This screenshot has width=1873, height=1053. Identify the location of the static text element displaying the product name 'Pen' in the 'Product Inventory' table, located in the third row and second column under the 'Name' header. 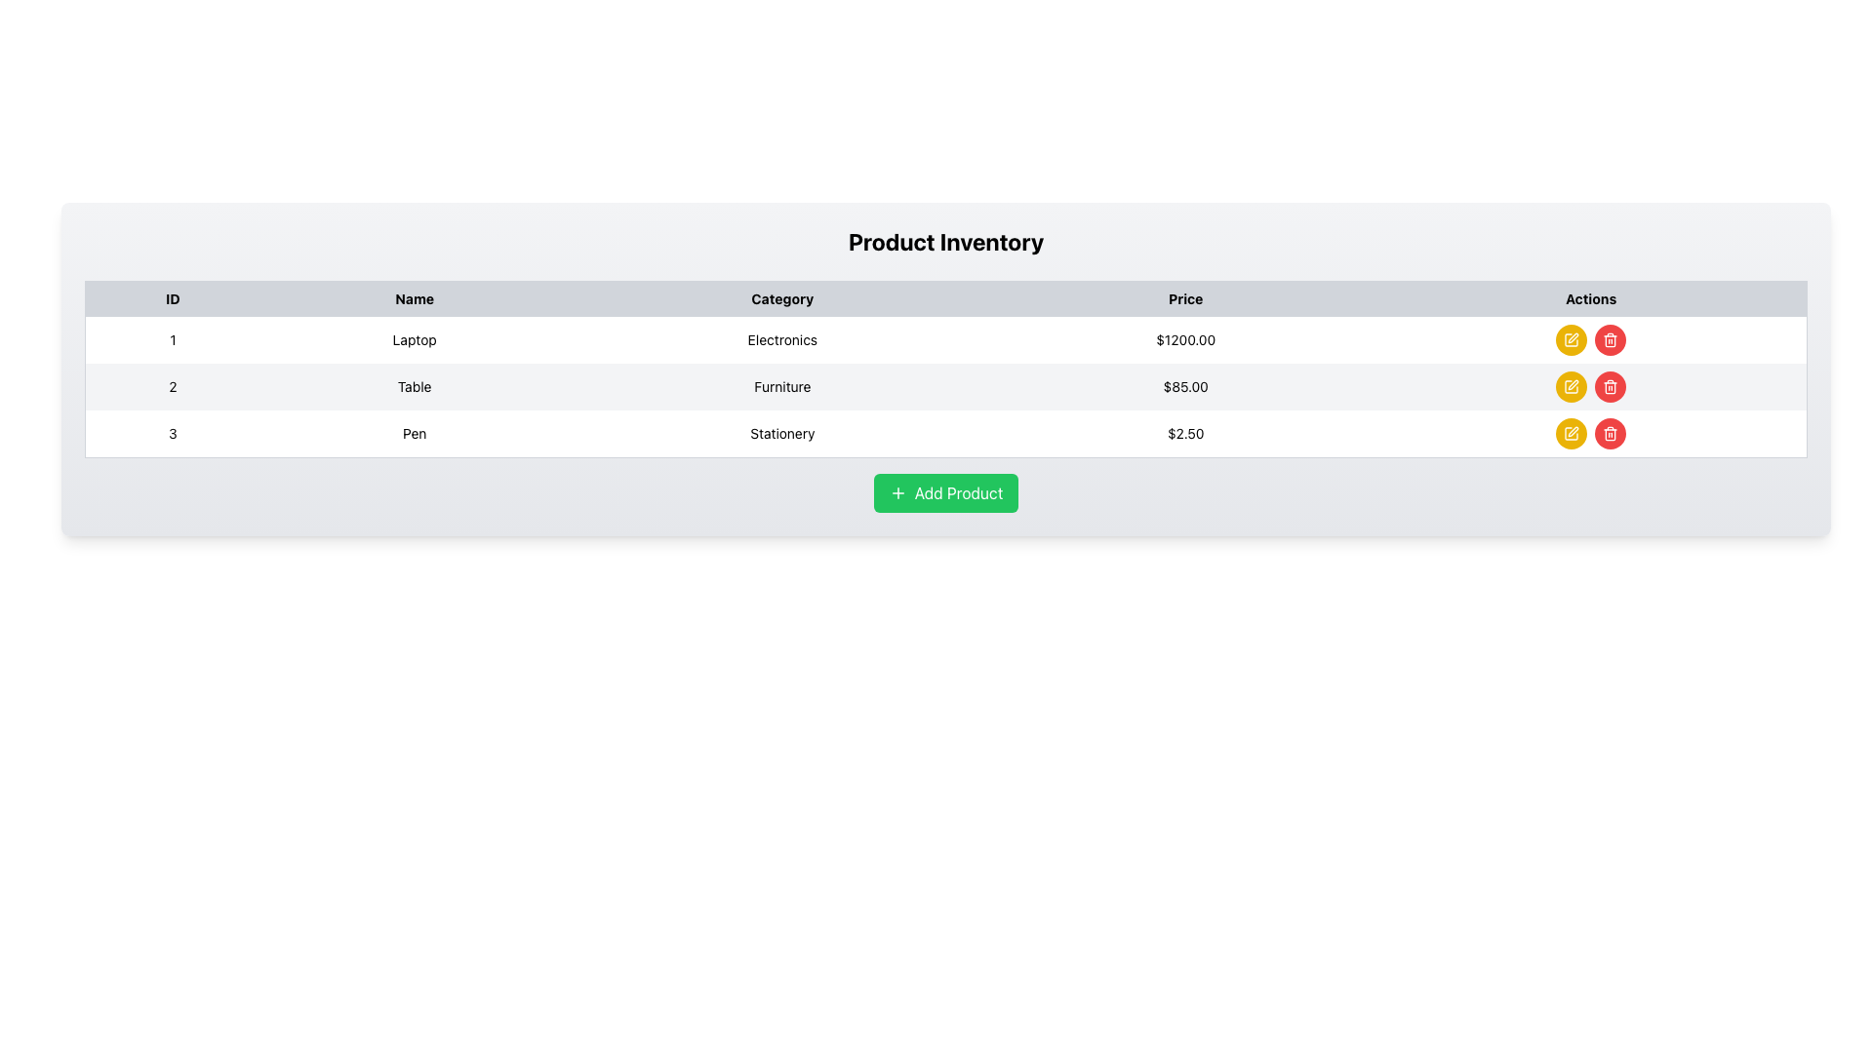
(414, 433).